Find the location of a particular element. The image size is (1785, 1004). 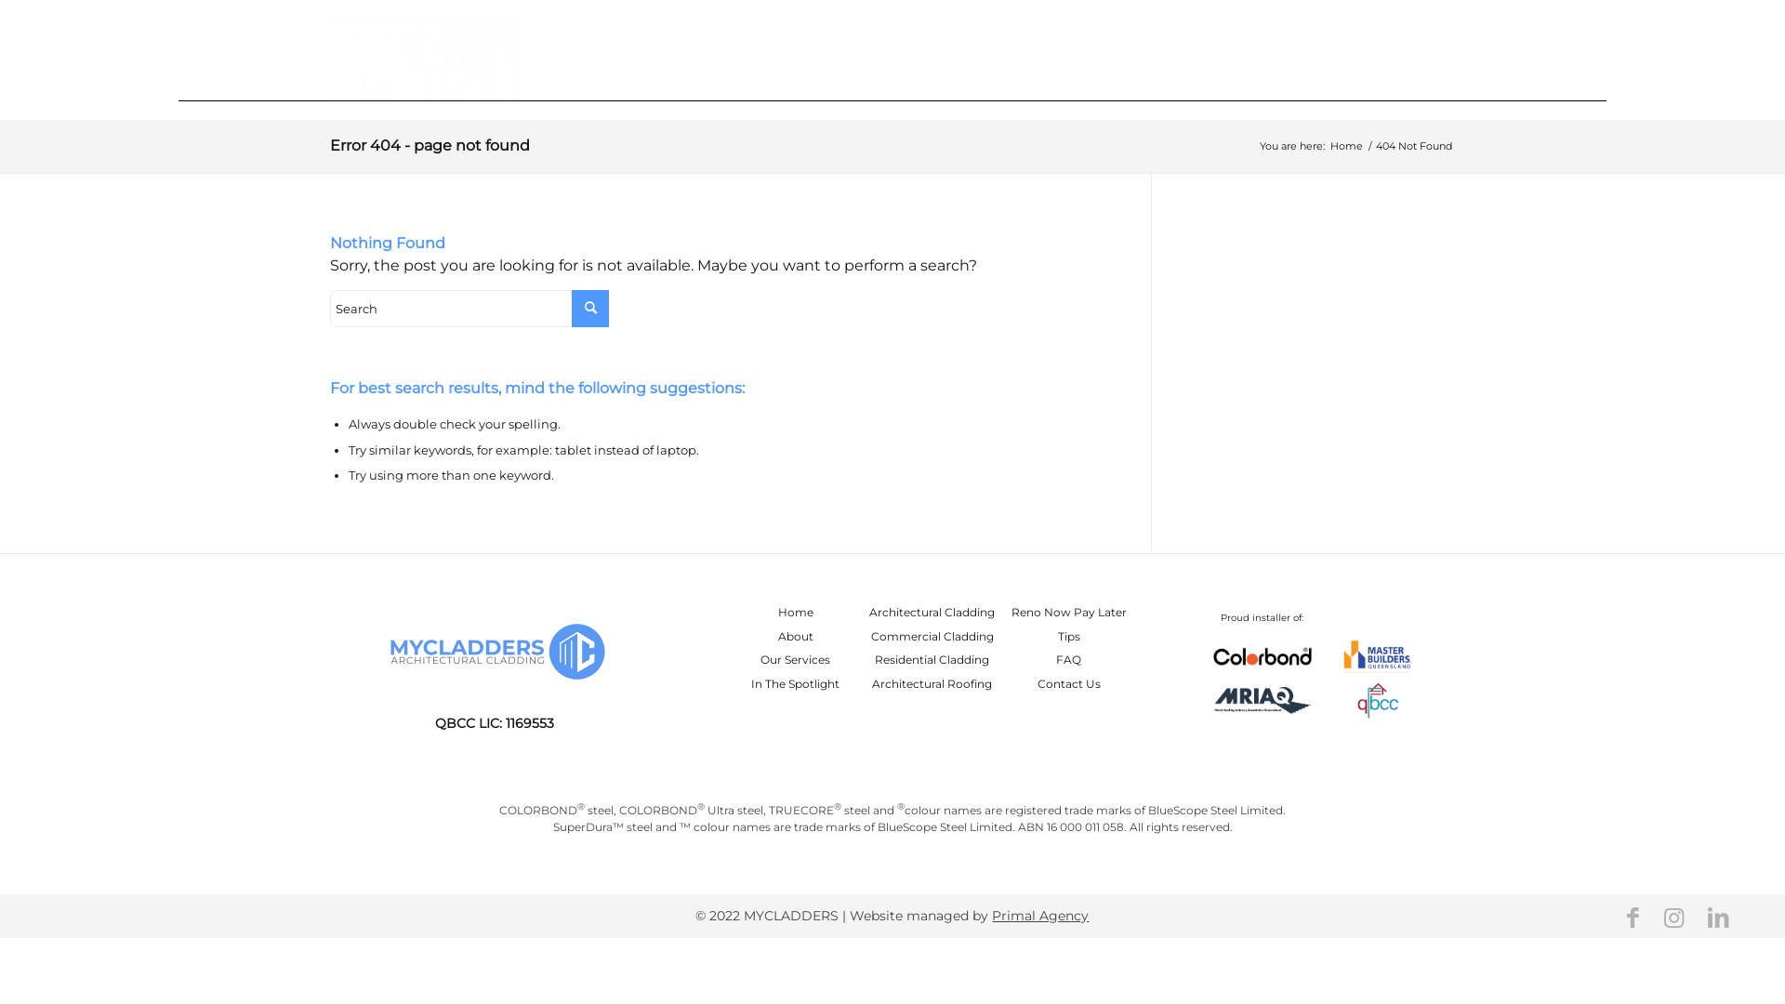

'About' is located at coordinates (777, 635).